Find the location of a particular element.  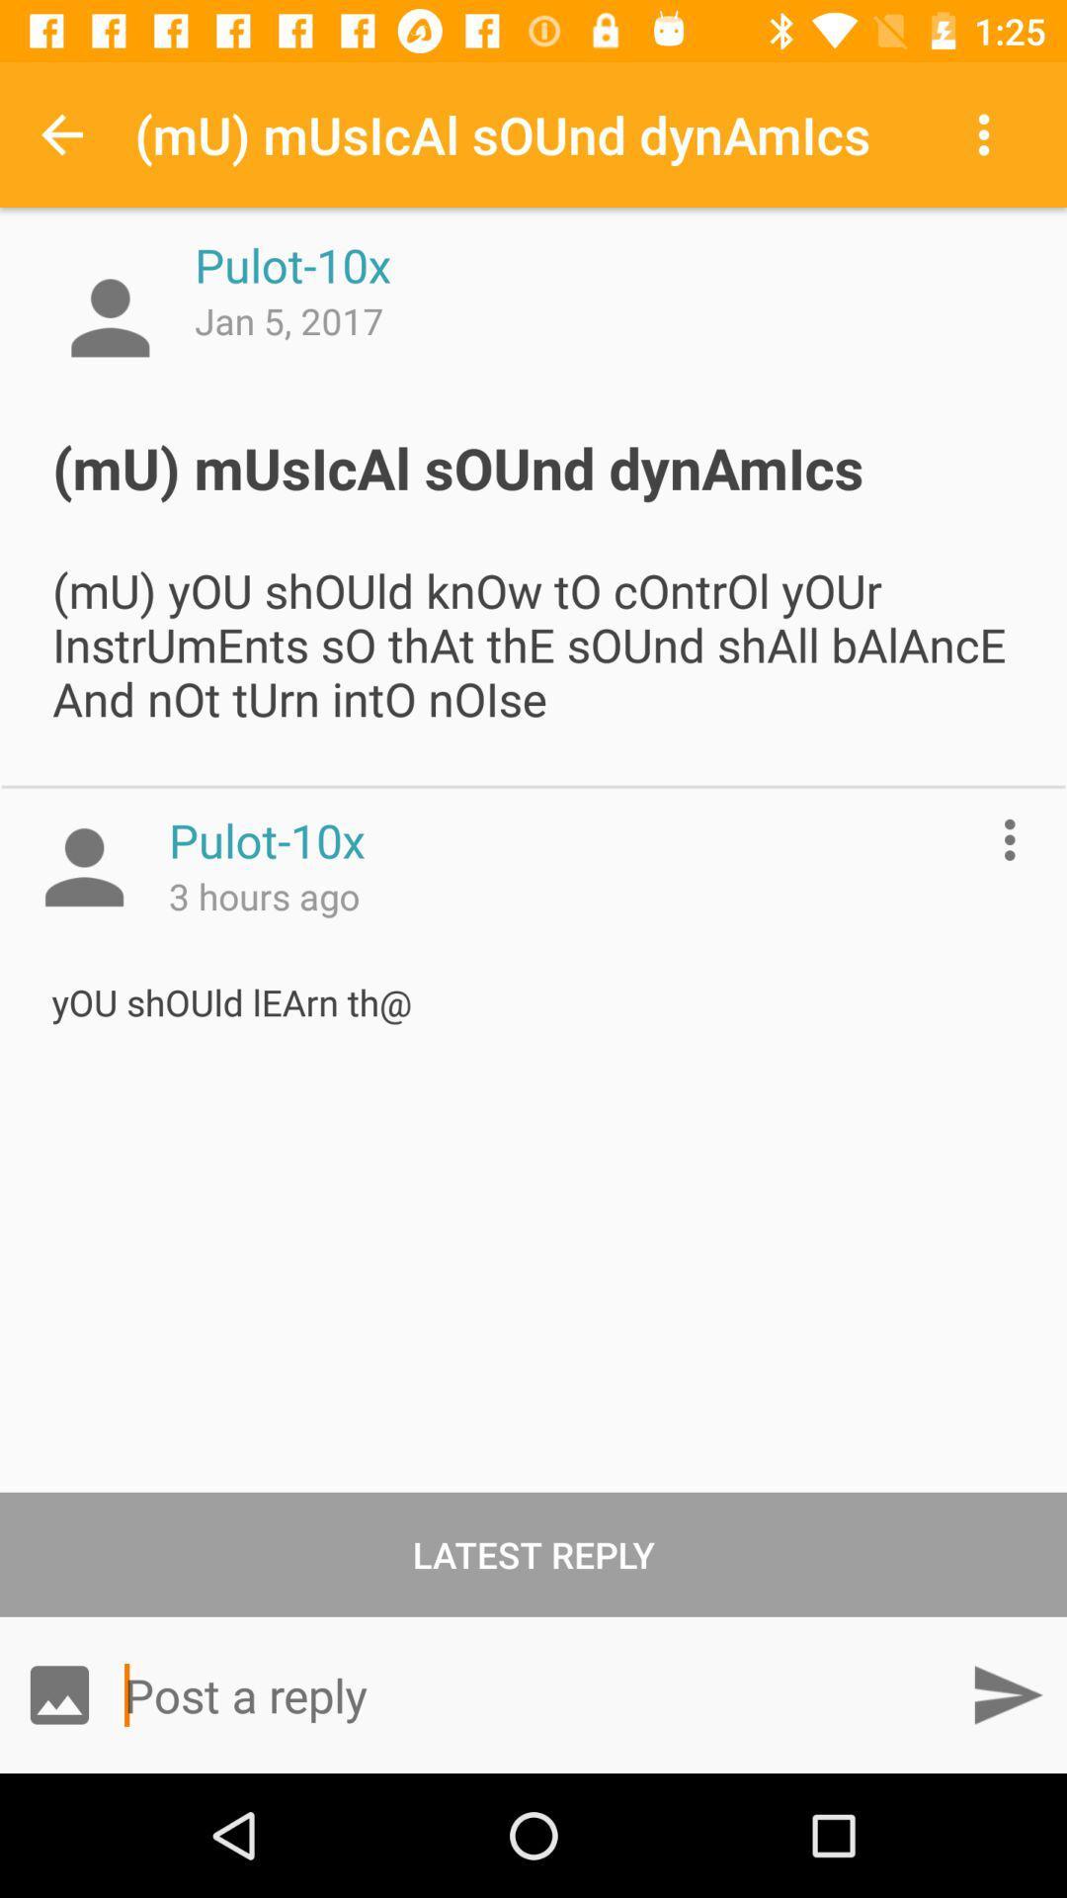

profile picture is located at coordinates (83, 867).